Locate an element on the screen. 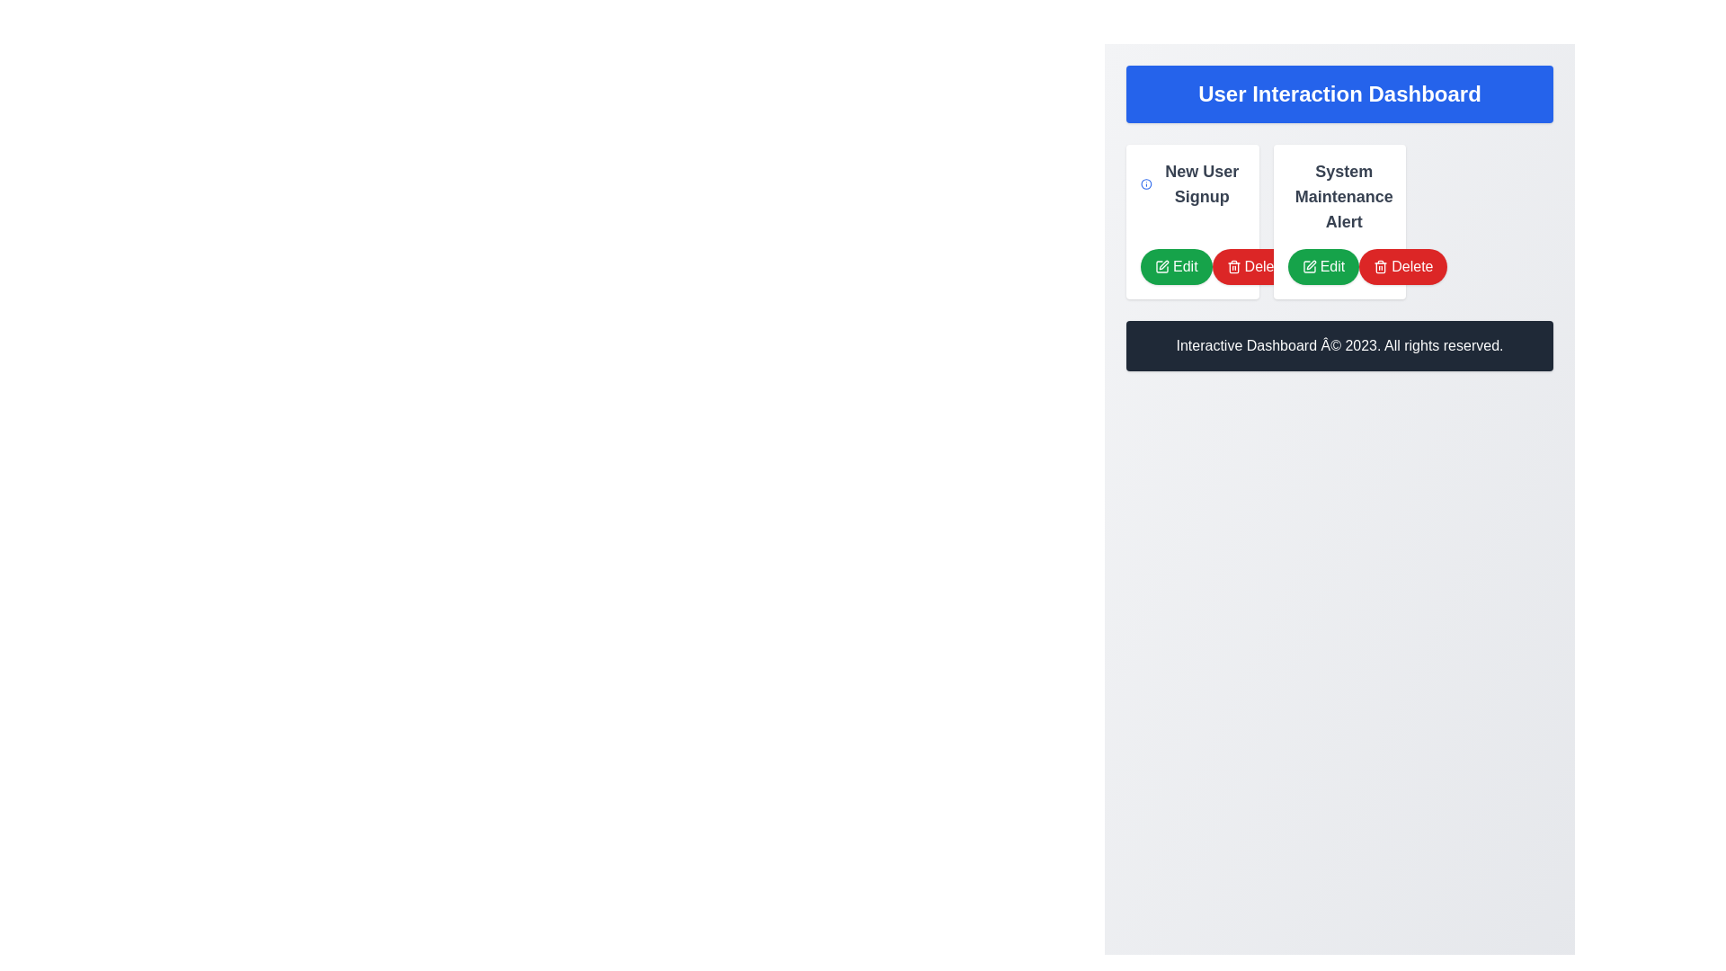 This screenshot has width=1726, height=971. the 'Delete' button with a red background and white text is located at coordinates (1255, 267).